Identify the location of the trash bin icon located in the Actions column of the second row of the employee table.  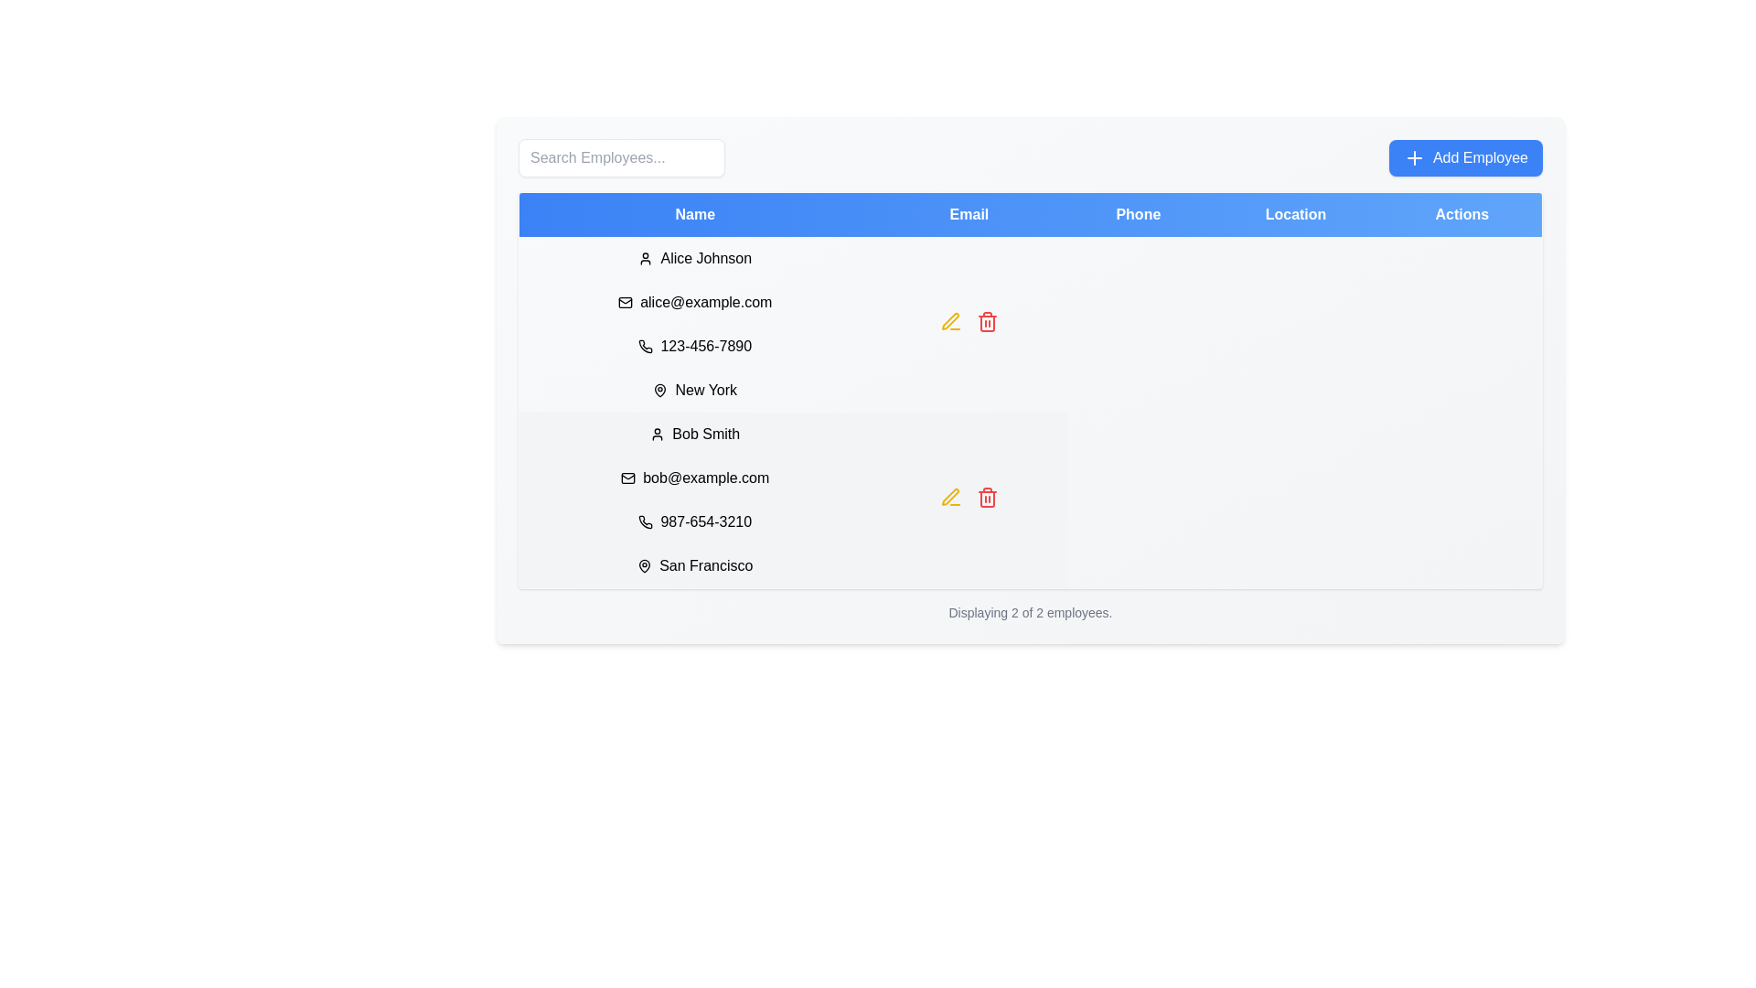
(987, 499).